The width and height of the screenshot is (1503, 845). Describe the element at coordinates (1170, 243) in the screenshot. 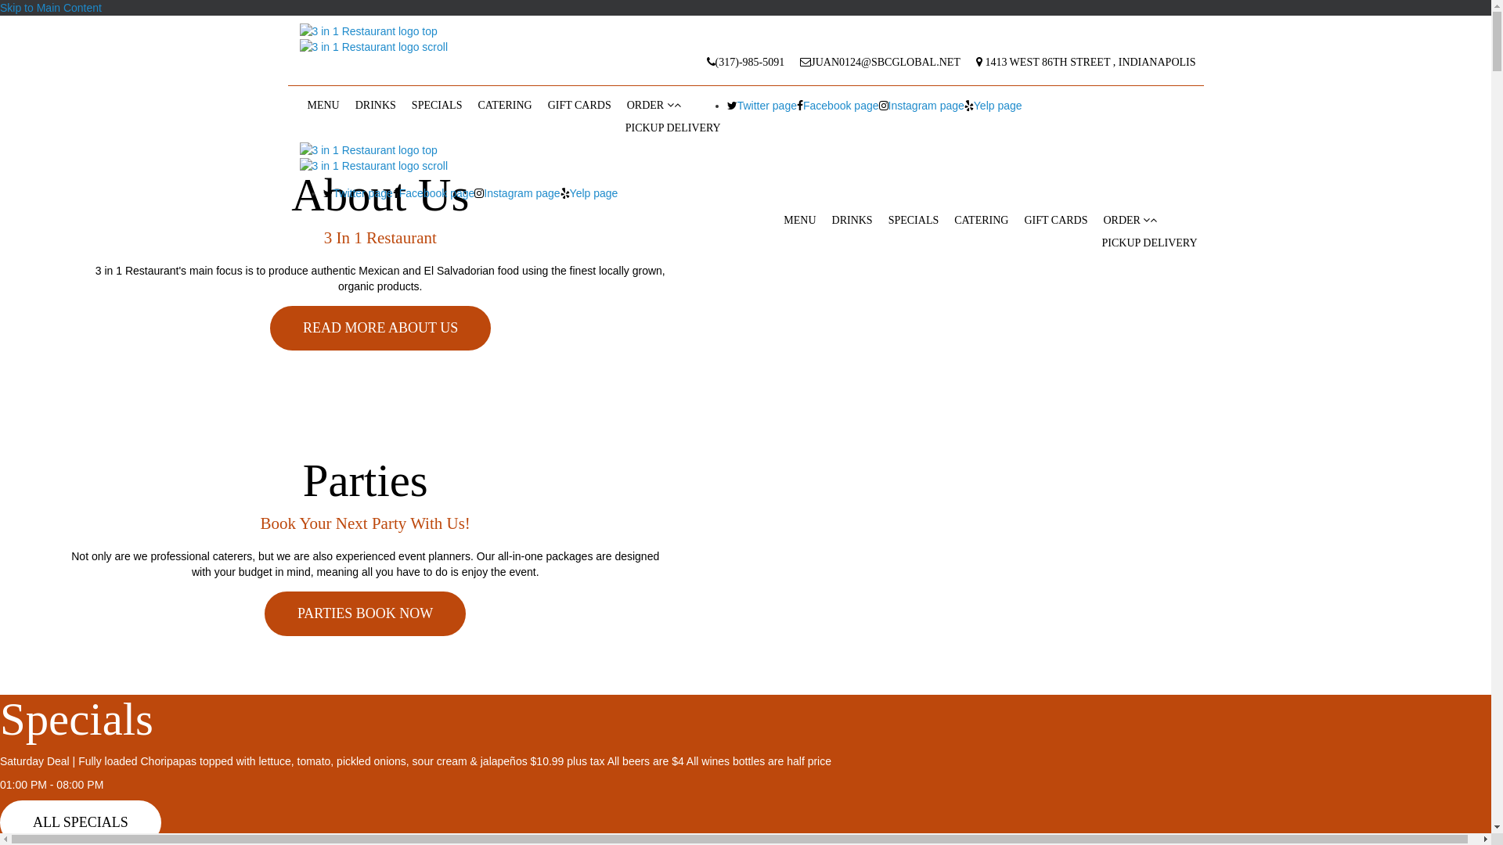

I see `'DELIVERY'` at that location.